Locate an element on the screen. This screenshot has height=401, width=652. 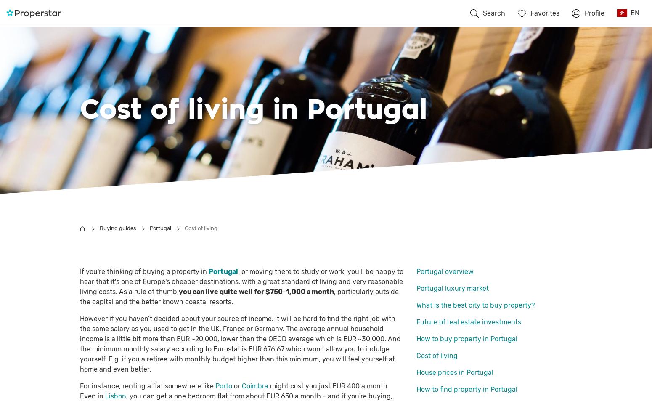
'How to find property in Portugal' is located at coordinates (466, 389).